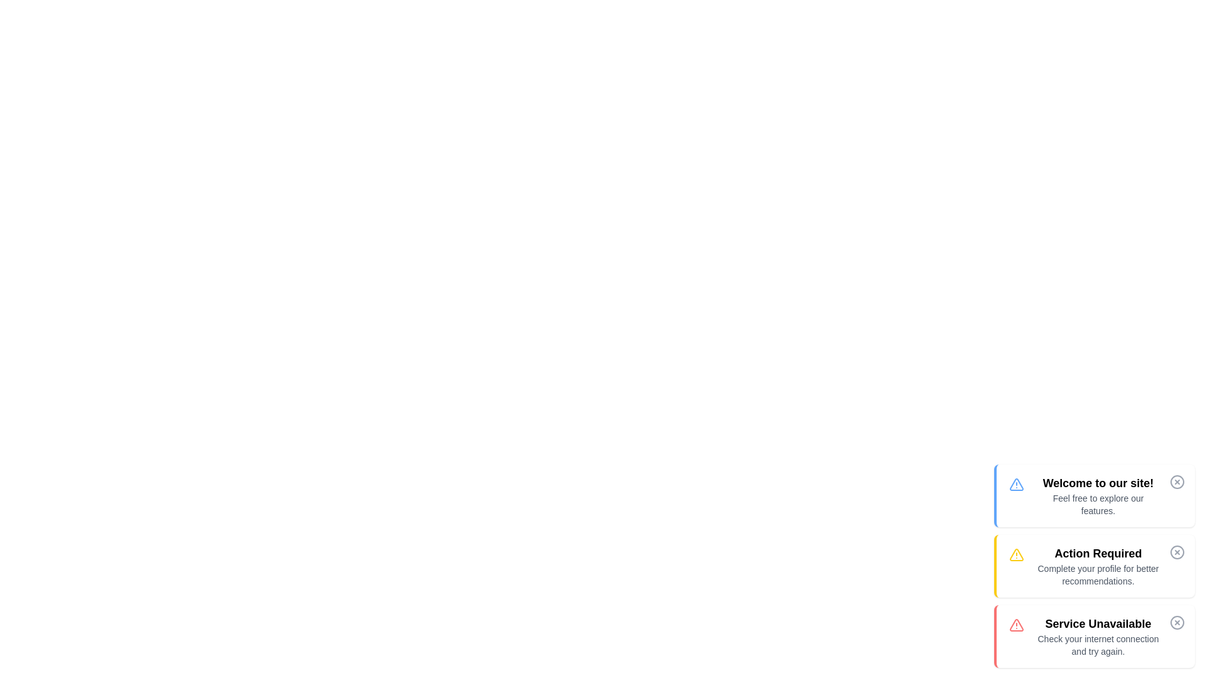 The image size is (1205, 678). What do you see at coordinates (1177, 622) in the screenshot?
I see `the circular 'X' button in the top-right corner of the 'Service Unavailable' notification card` at bounding box center [1177, 622].